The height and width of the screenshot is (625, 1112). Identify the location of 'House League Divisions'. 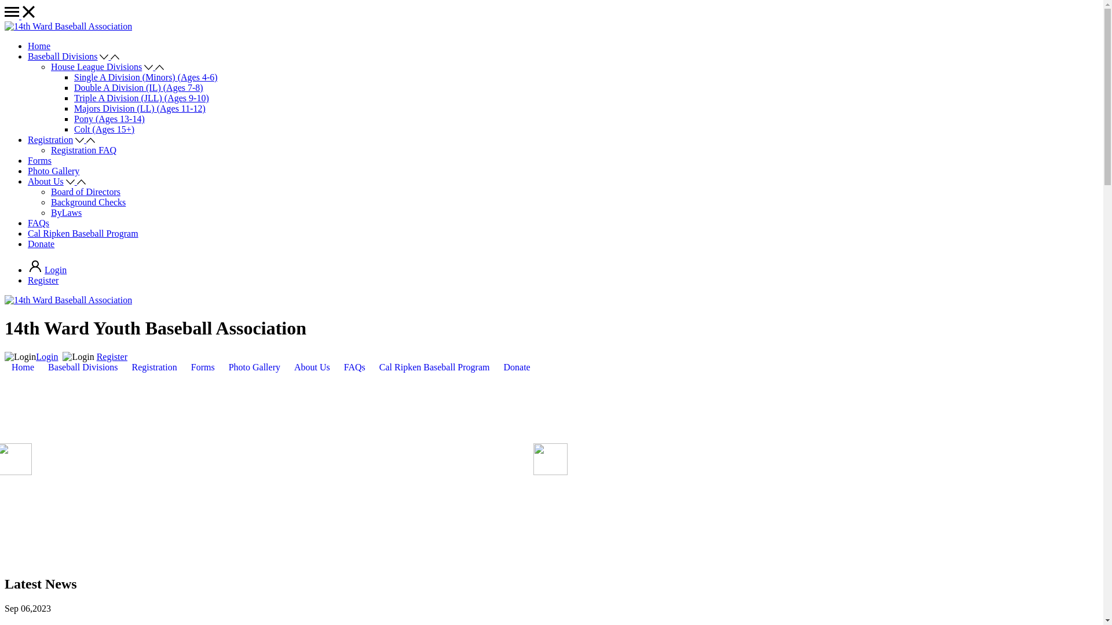
(96, 67).